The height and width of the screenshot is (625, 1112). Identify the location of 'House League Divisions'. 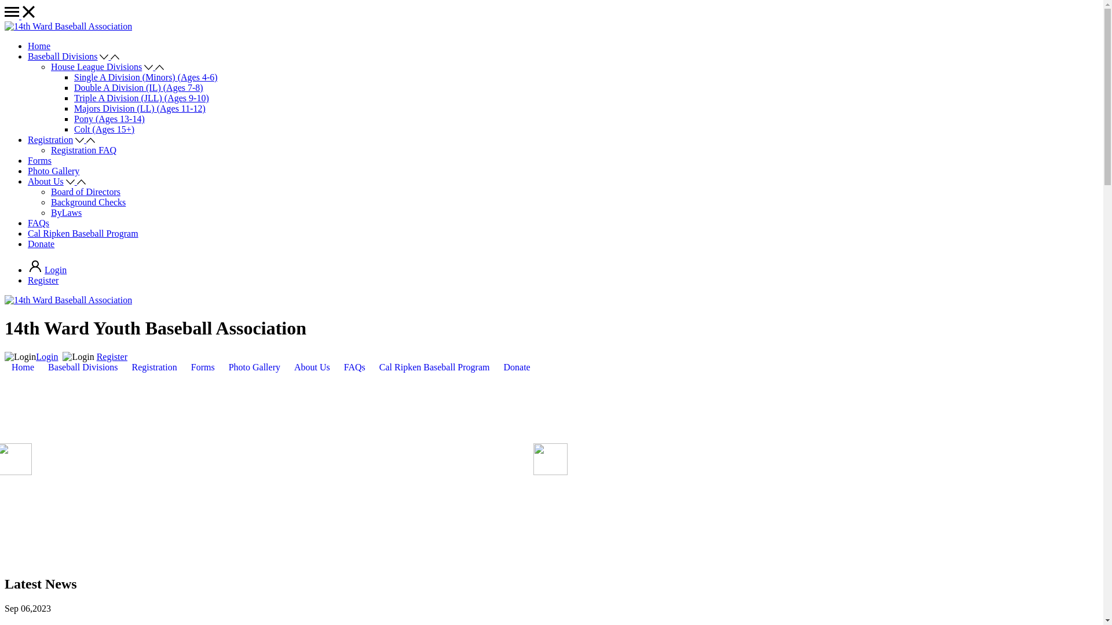
(96, 67).